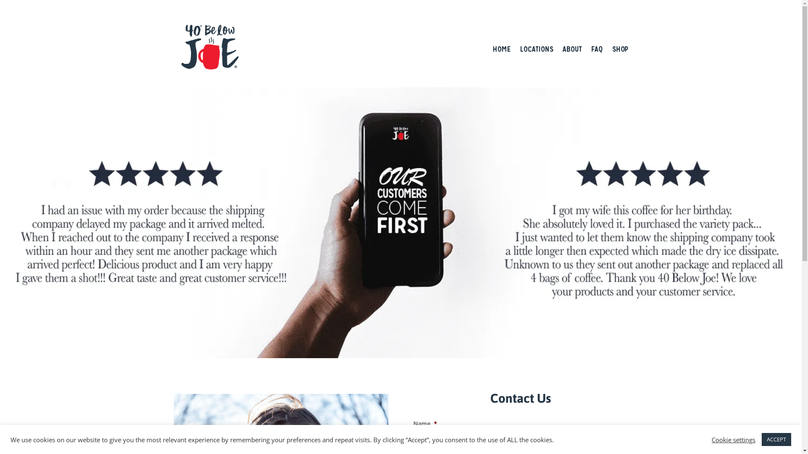  Describe the element at coordinates (571, 49) in the screenshot. I see `'ABOUT'` at that location.